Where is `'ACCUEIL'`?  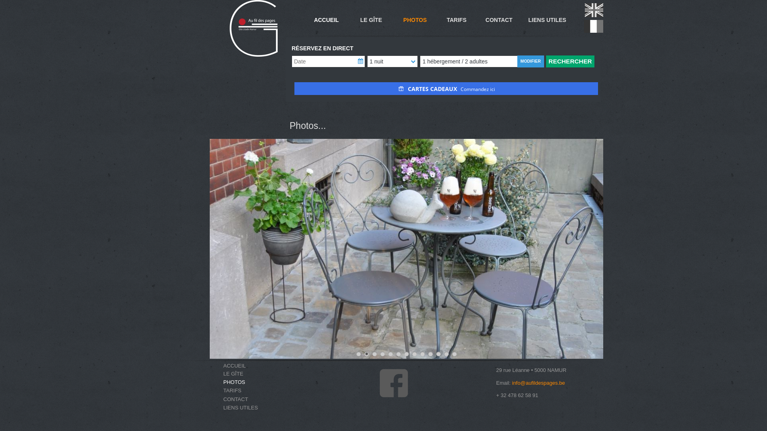
'ACCUEIL' is located at coordinates (326, 20).